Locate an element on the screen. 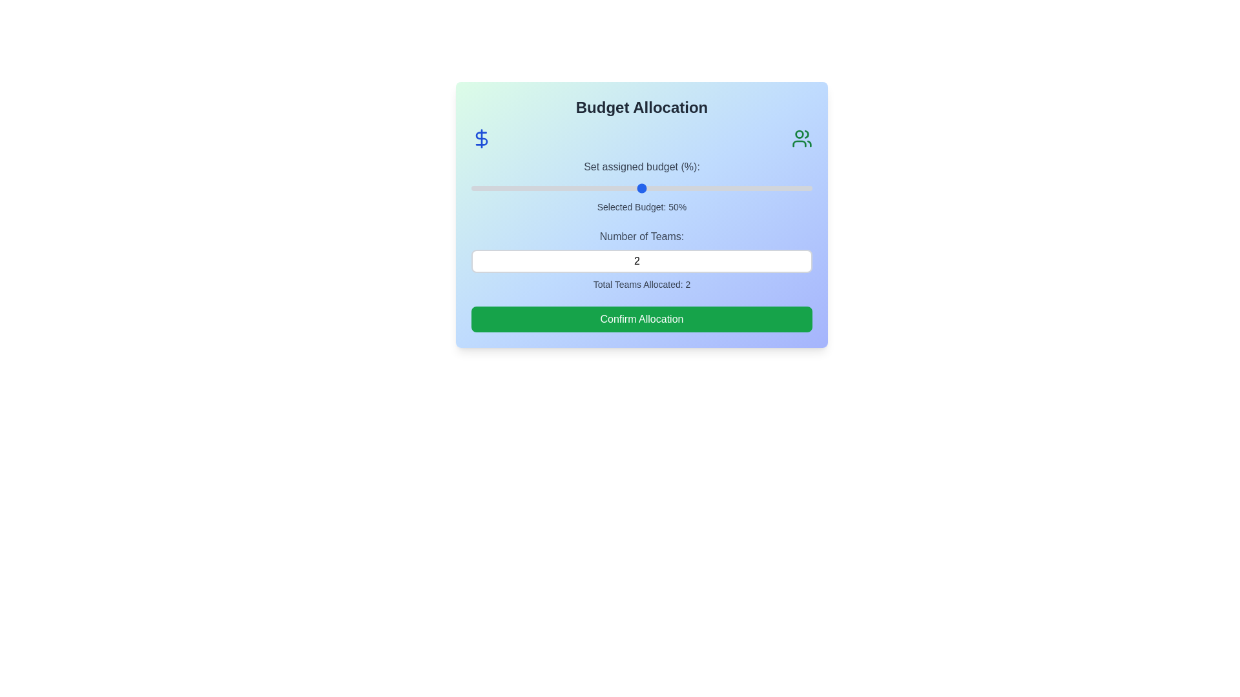 The height and width of the screenshot is (697, 1240). the budget slider to set the budget to 22% is located at coordinates (546, 188).